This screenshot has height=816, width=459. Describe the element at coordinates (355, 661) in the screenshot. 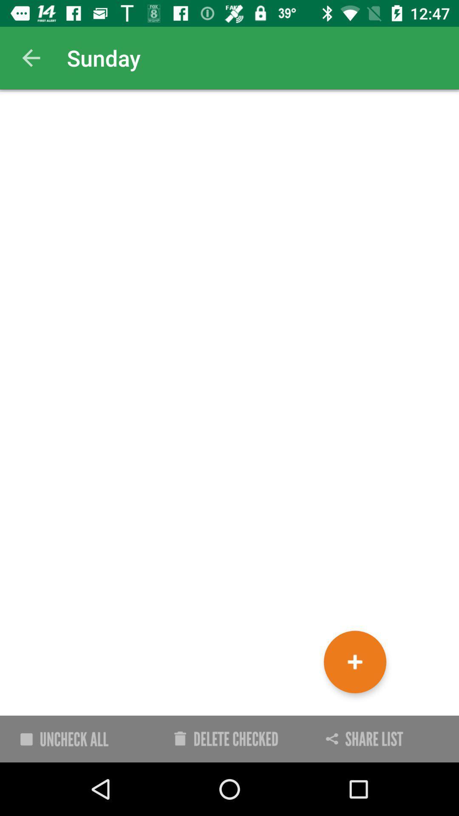

I see `the add icon` at that location.